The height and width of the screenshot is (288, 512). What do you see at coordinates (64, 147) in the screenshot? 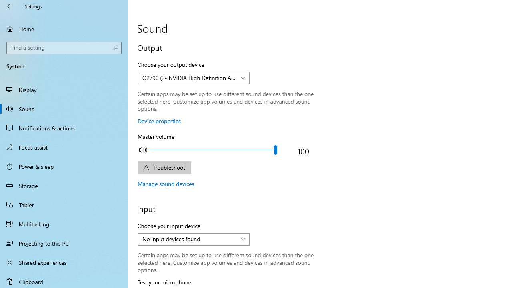
I see `'Focus assist'` at bounding box center [64, 147].